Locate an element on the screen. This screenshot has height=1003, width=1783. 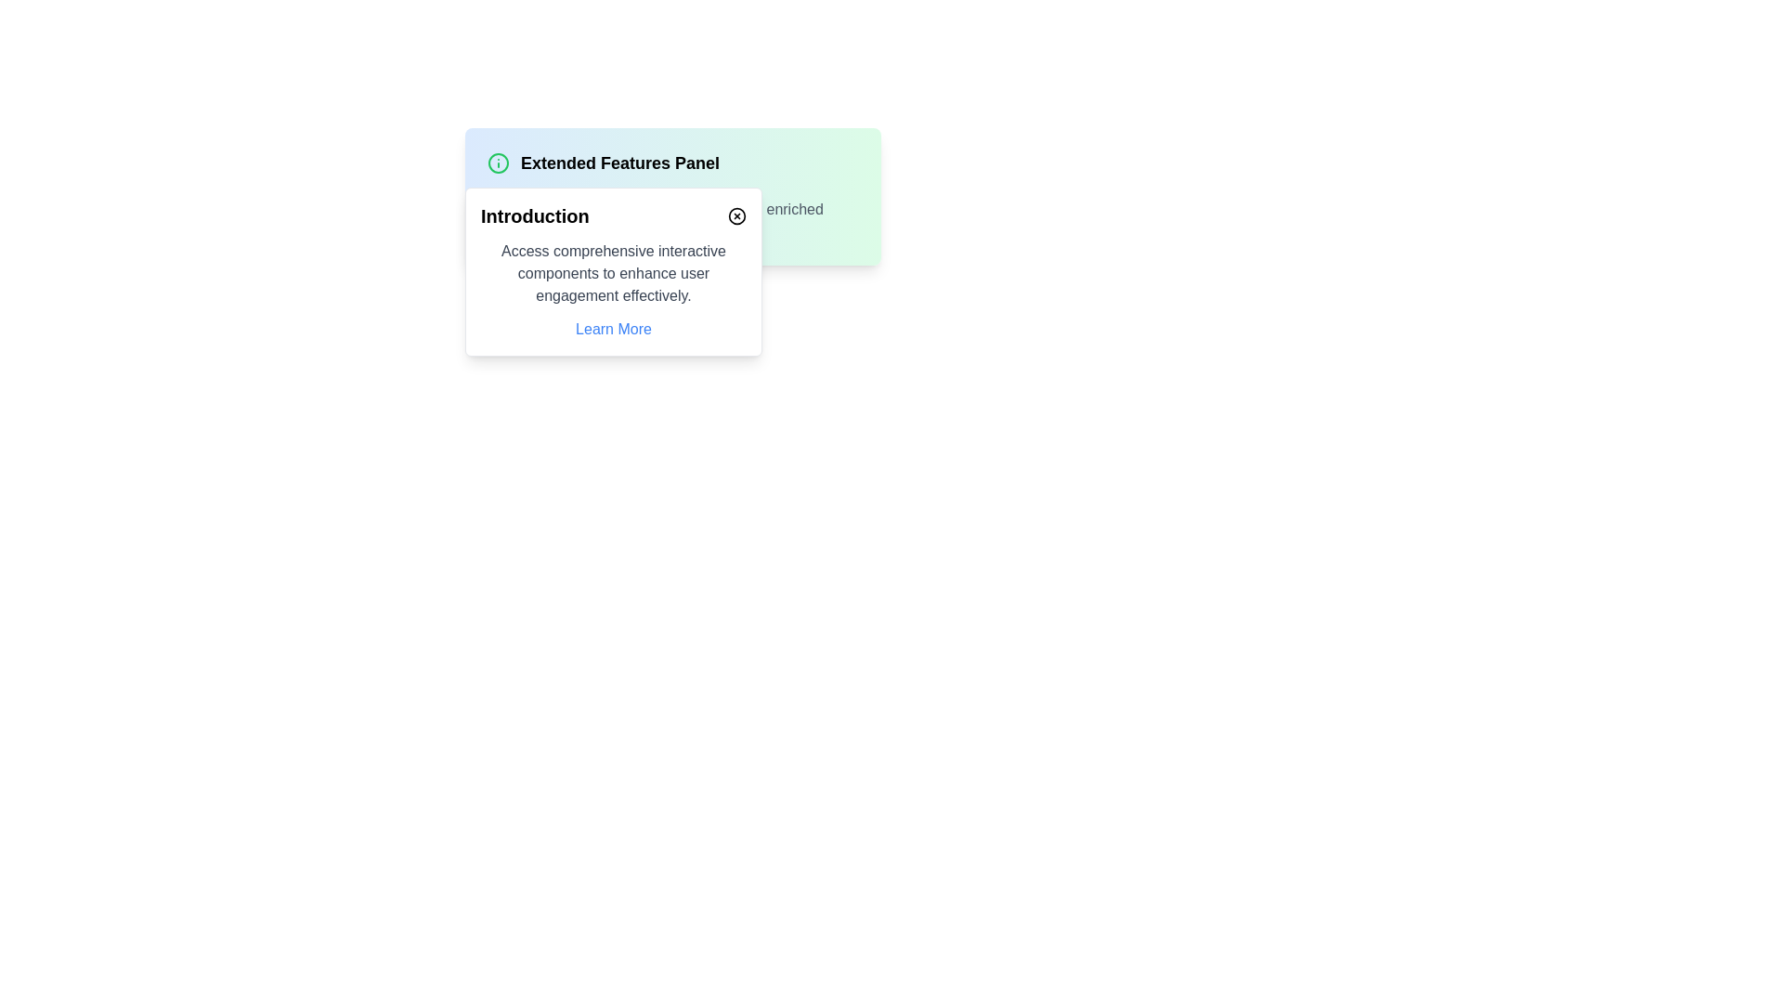
the 'Learn More' button, which is a clickable text in blue font located at the bottom of a floating panel is located at coordinates (614, 328).